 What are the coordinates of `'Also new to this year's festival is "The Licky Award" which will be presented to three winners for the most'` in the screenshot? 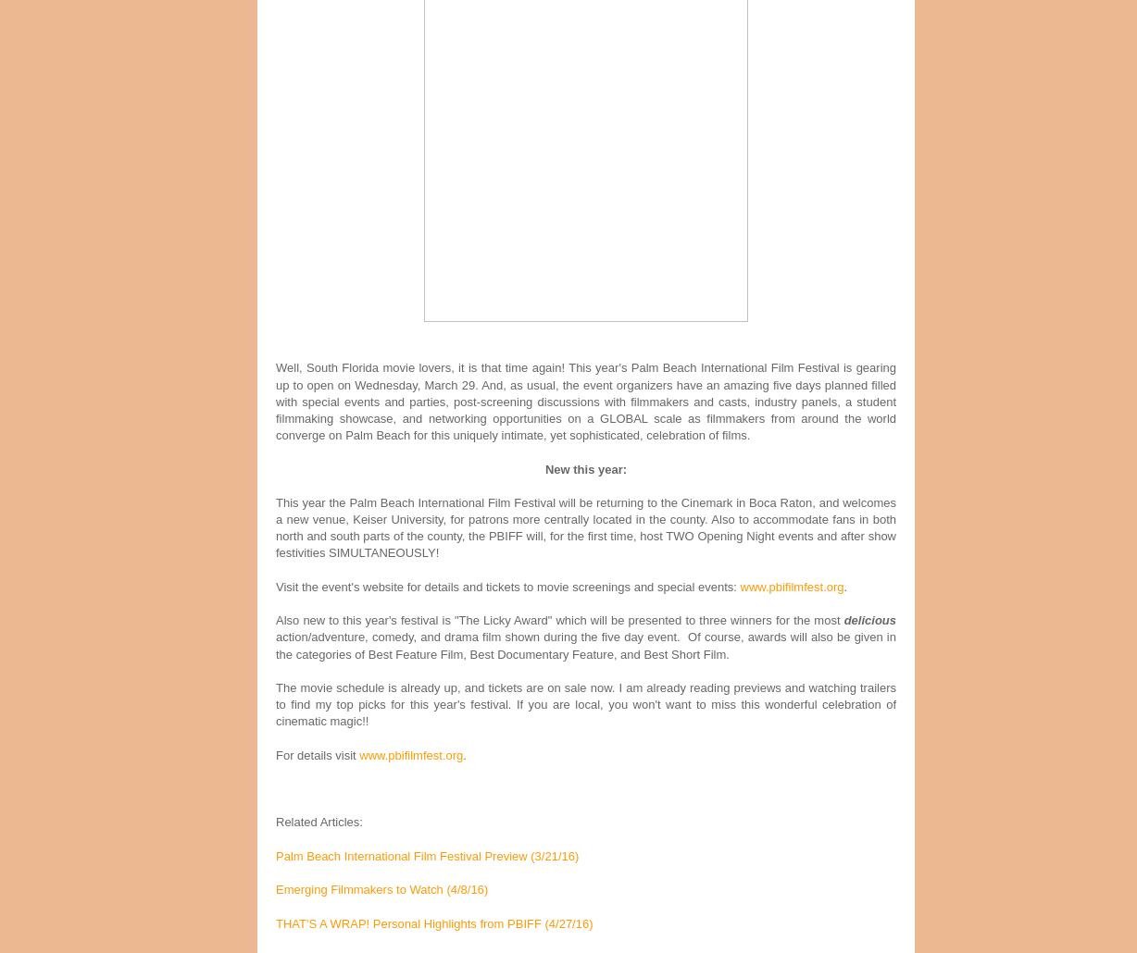 It's located at (558, 619).